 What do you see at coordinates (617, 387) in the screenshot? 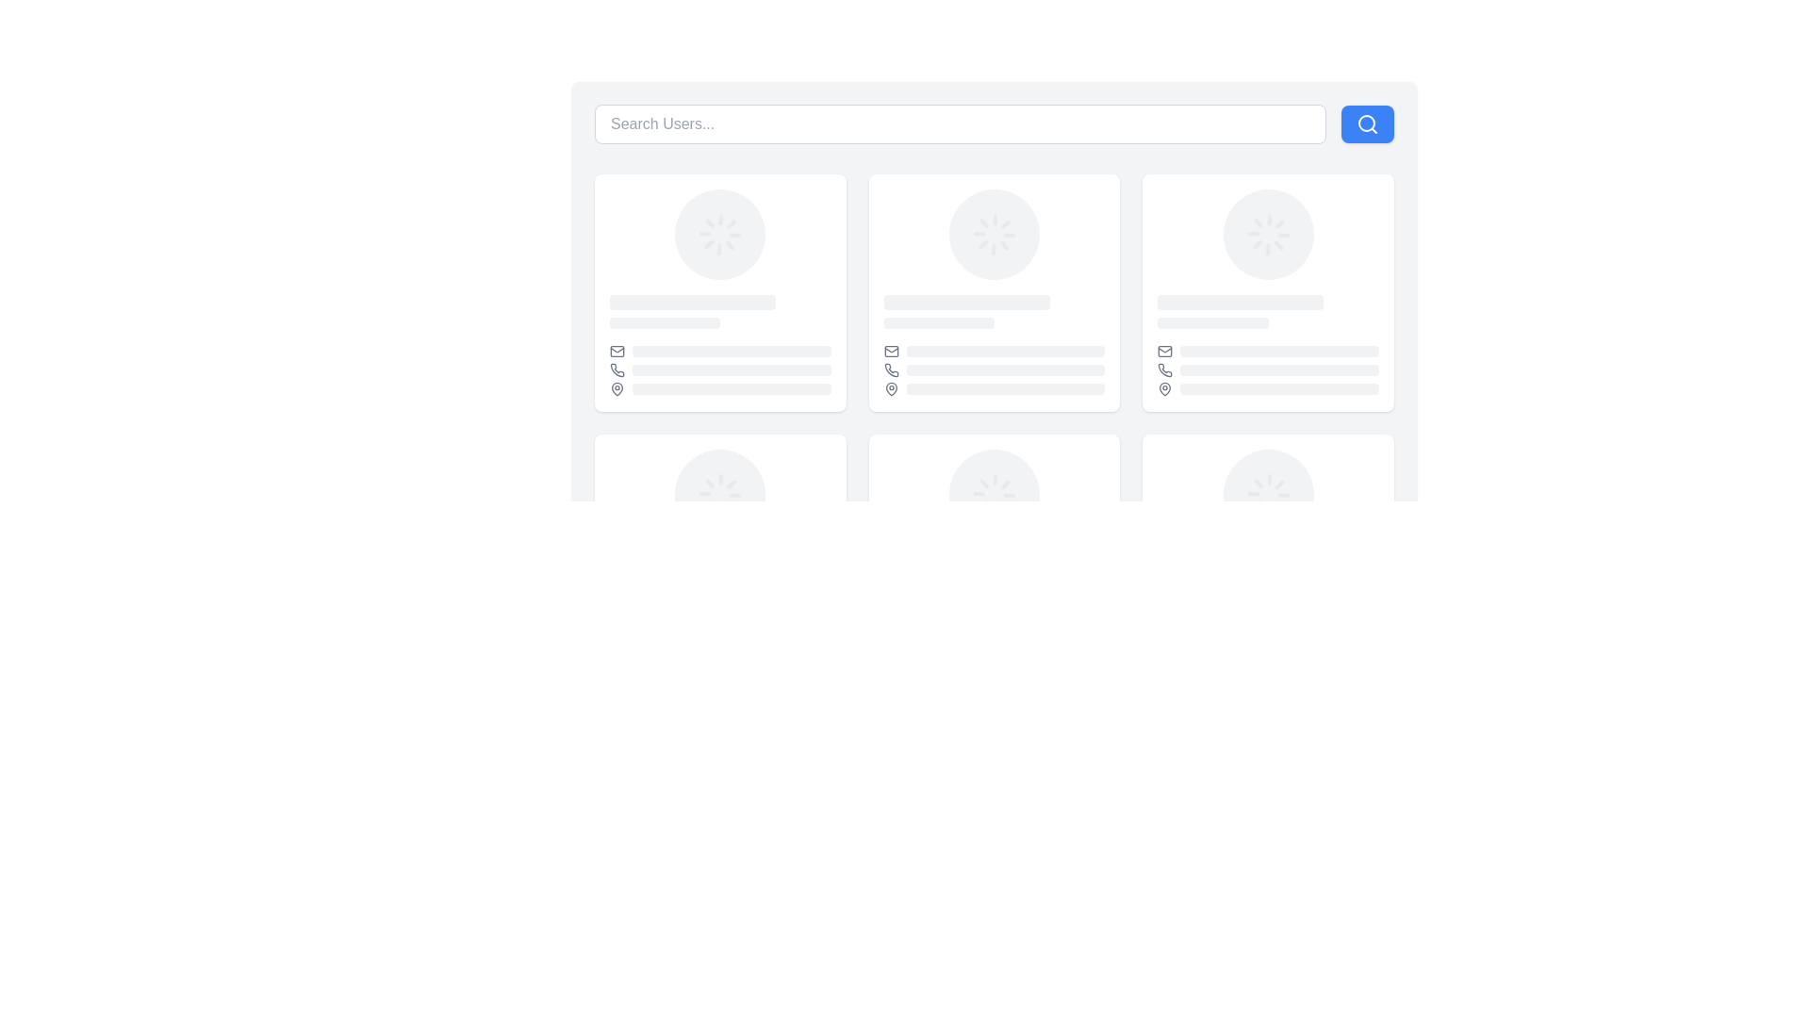
I see `the map pin icon located in the bottom-left corner of a card layout` at bounding box center [617, 387].